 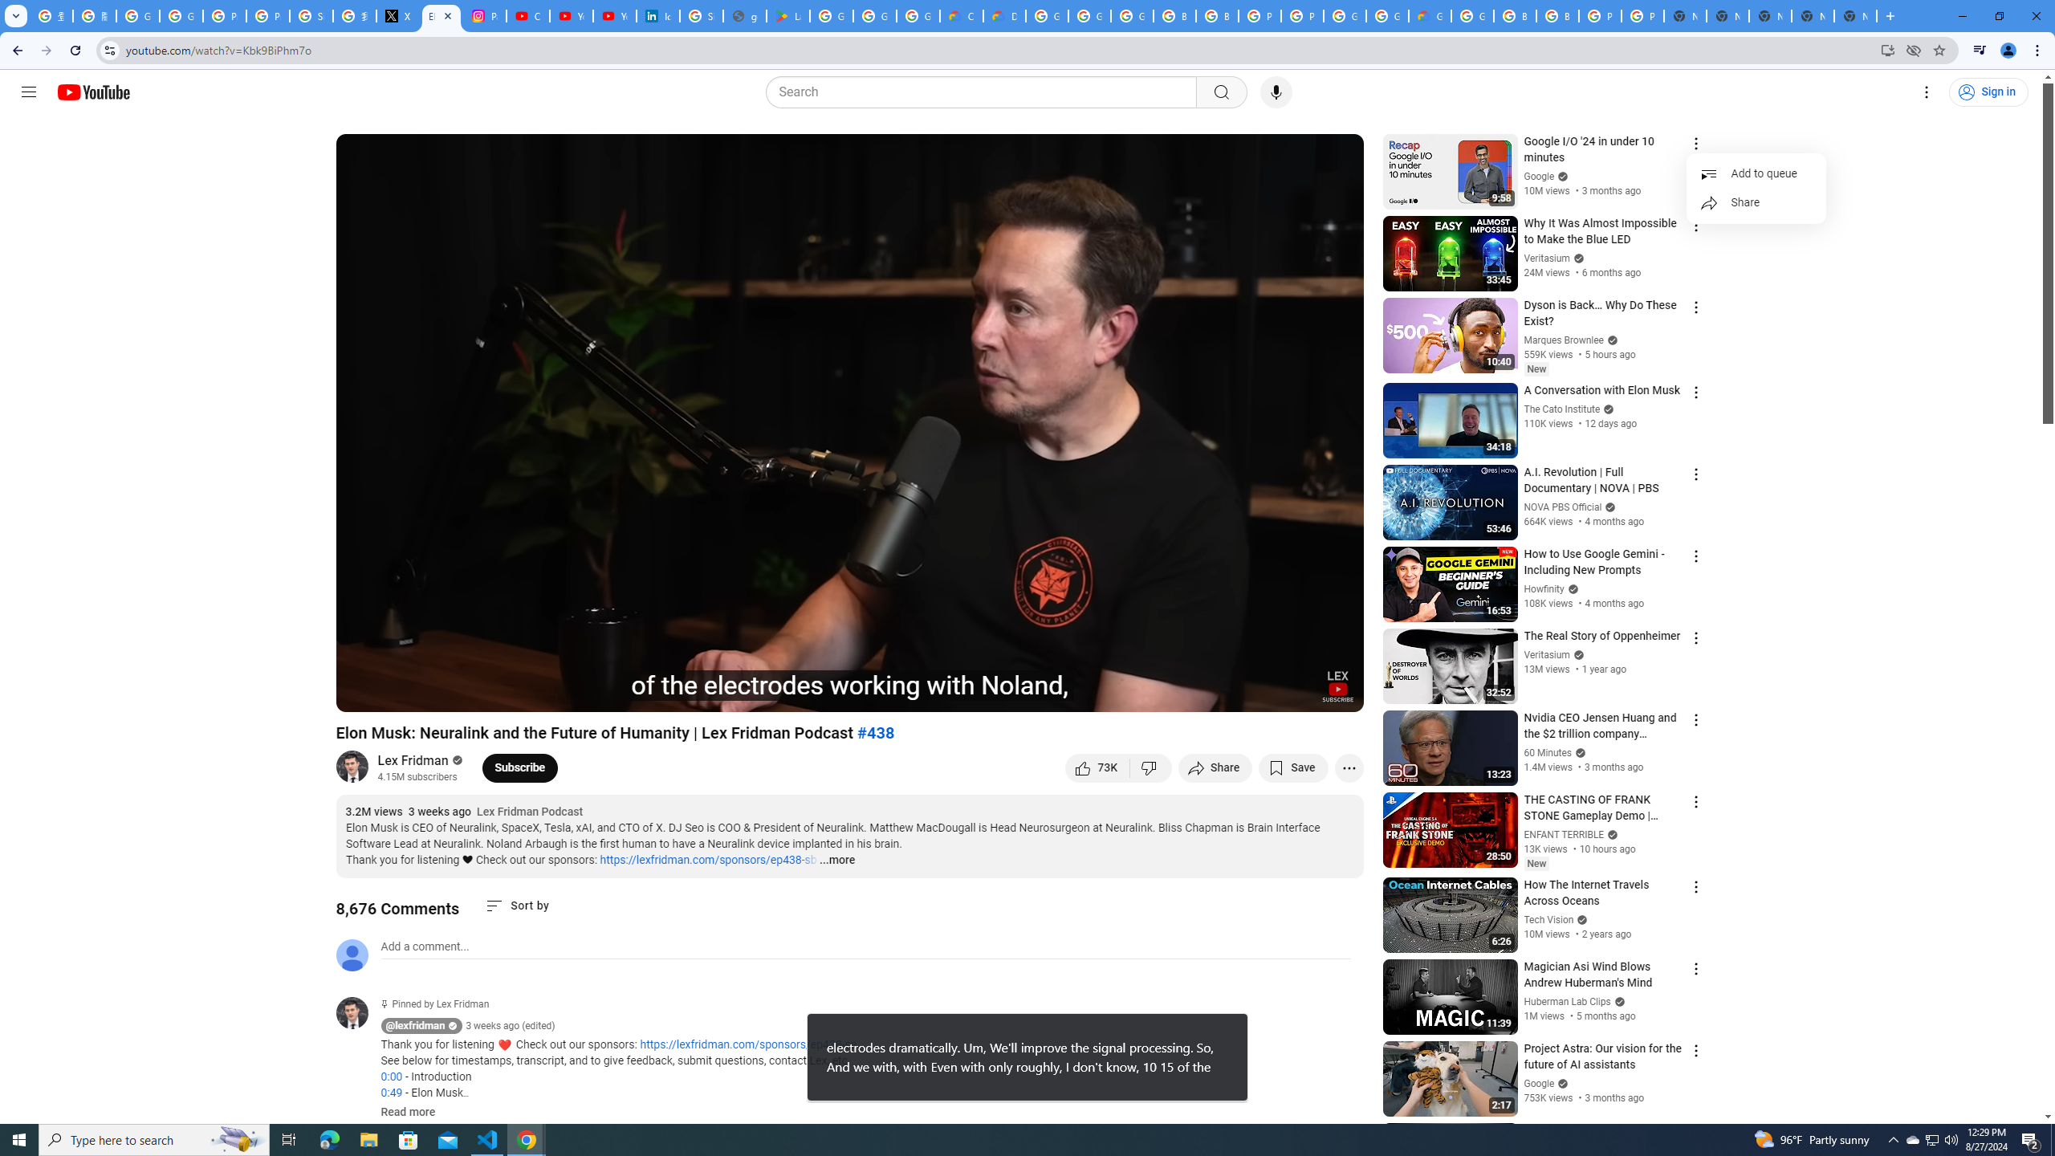 What do you see at coordinates (311, 15) in the screenshot?
I see `'Sign in - Google Accounts'` at bounding box center [311, 15].